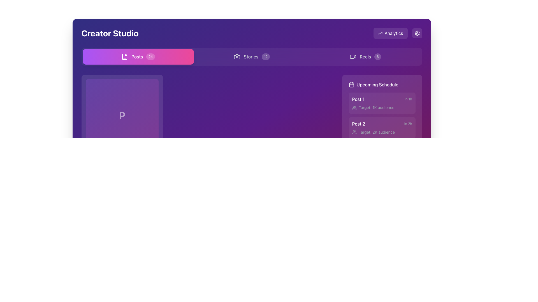 This screenshot has width=538, height=302. Describe the element at coordinates (408, 124) in the screenshot. I see `the Text Label indicating the time remaining (2 hours) until the scheduled post for 'Post 2', located in the 'Upcoming Schedule' section, specifically in the second entry labeled 'Post 2'` at that location.